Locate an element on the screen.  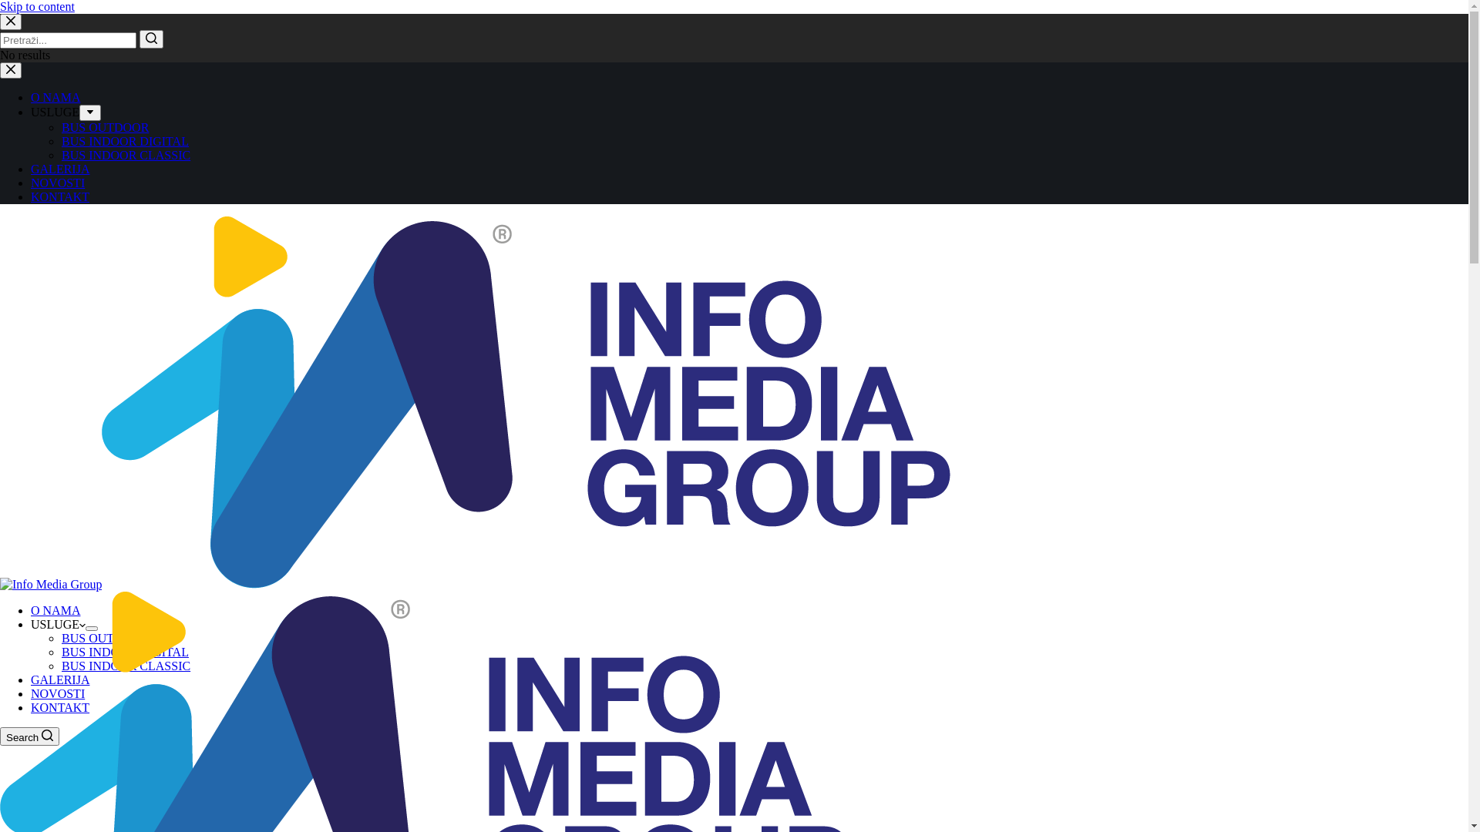
'GALERIJA' is located at coordinates (59, 679).